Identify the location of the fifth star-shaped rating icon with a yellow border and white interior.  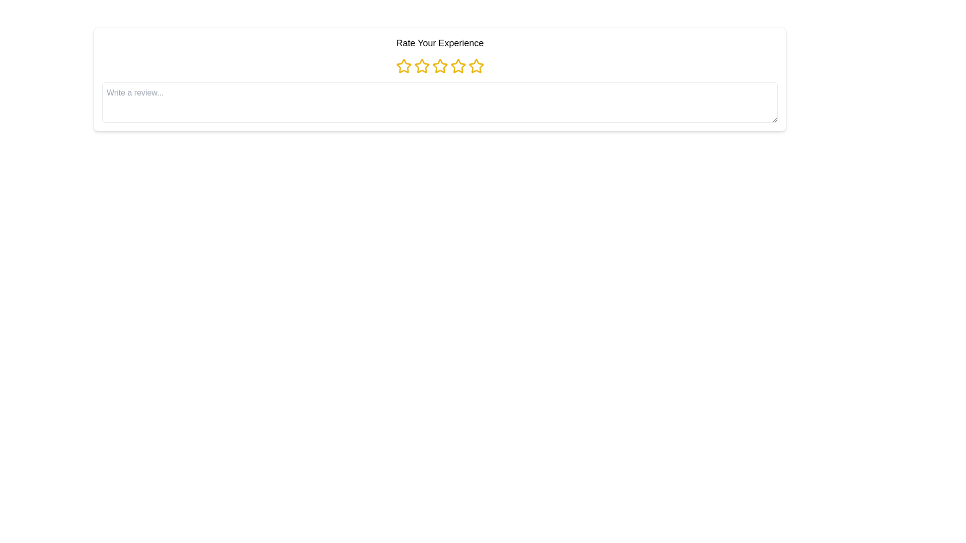
(475, 66).